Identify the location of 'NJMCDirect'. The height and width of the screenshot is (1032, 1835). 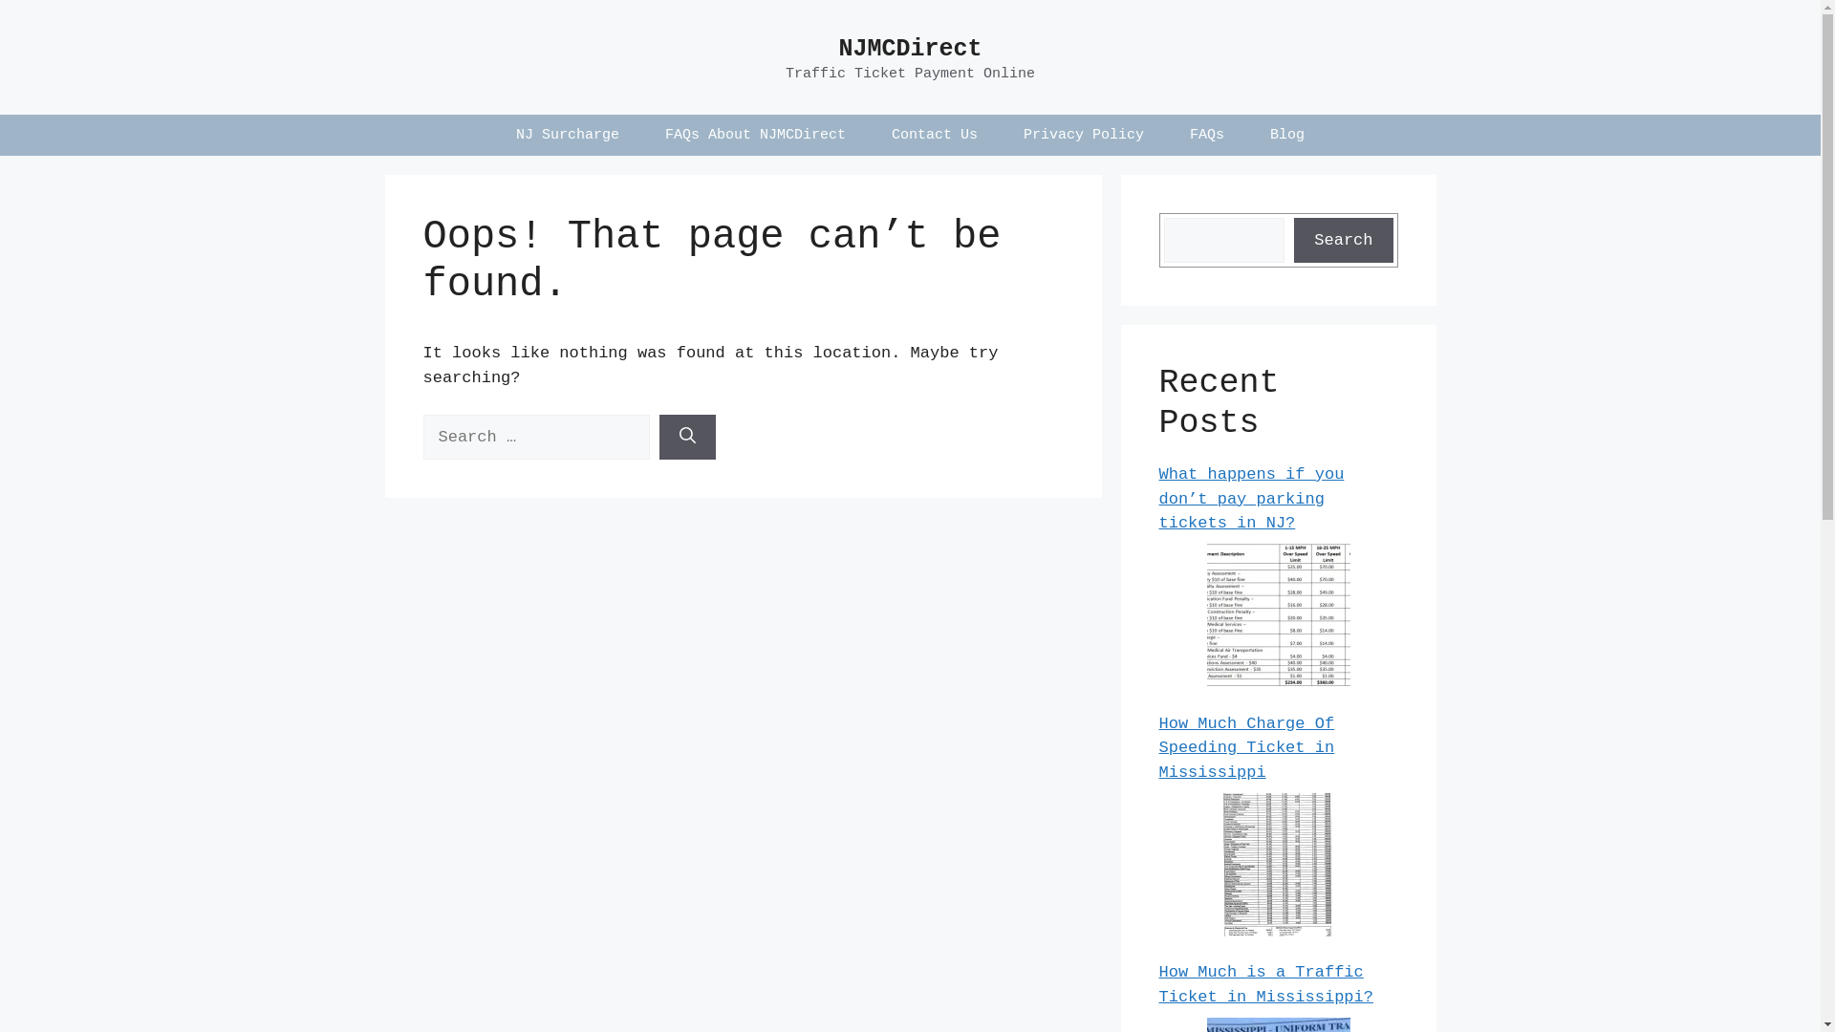
(908, 48).